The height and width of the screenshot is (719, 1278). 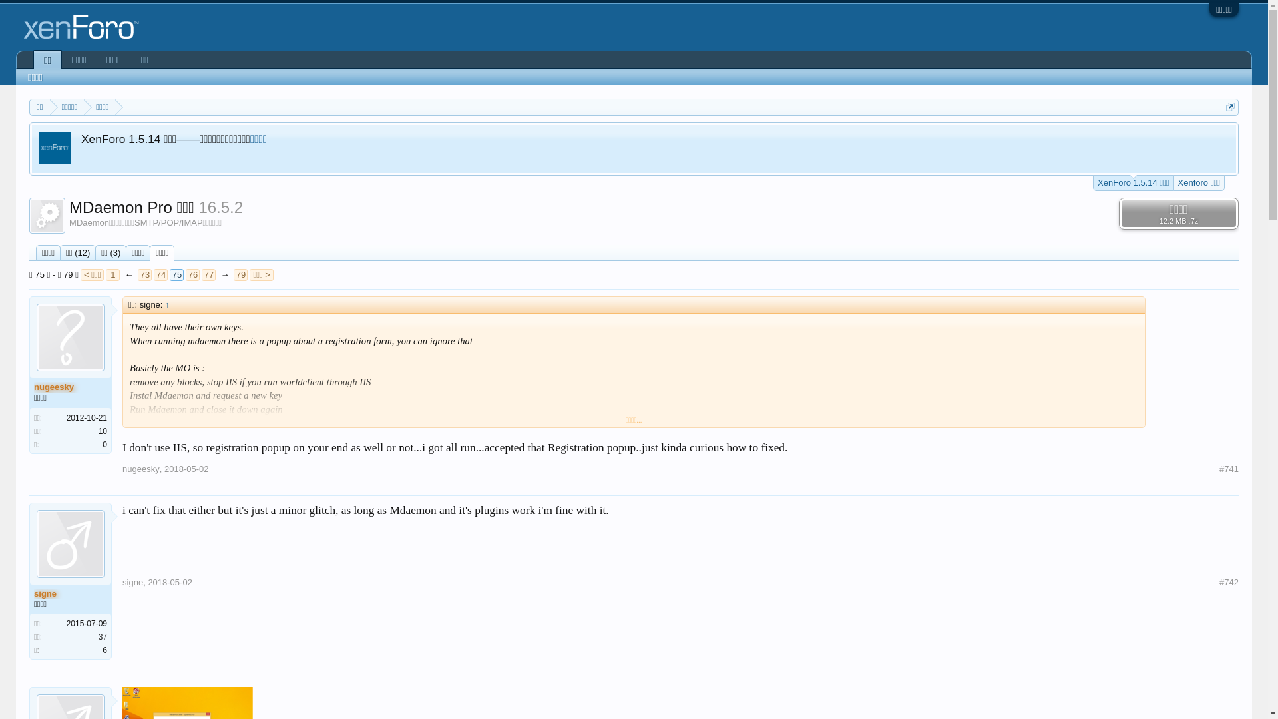 I want to click on '1', so click(x=112, y=274).